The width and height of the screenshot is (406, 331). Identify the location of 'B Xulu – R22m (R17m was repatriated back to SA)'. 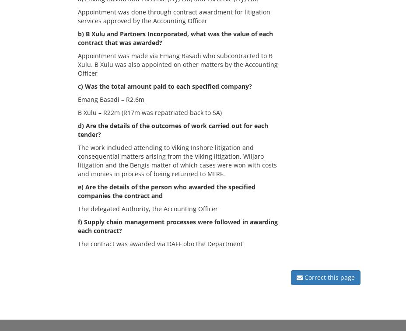
(77, 112).